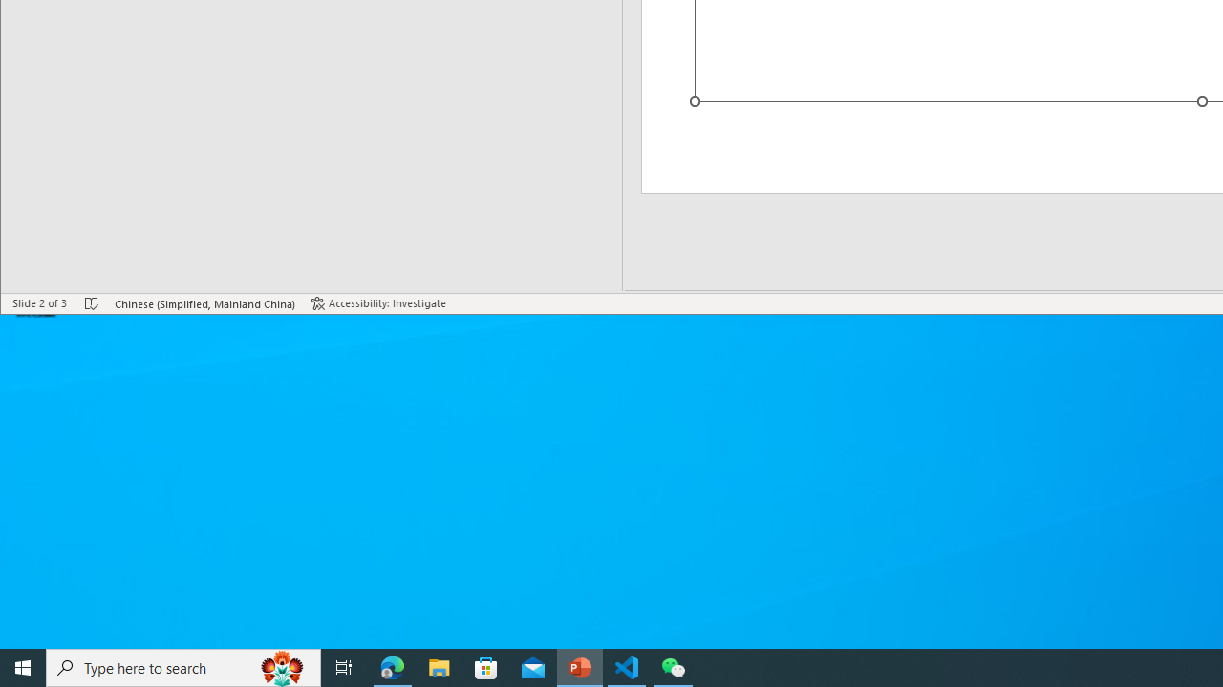 The width and height of the screenshot is (1223, 687). What do you see at coordinates (392, 666) in the screenshot?
I see `'Microsoft Edge - 1 running window'` at bounding box center [392, 666].